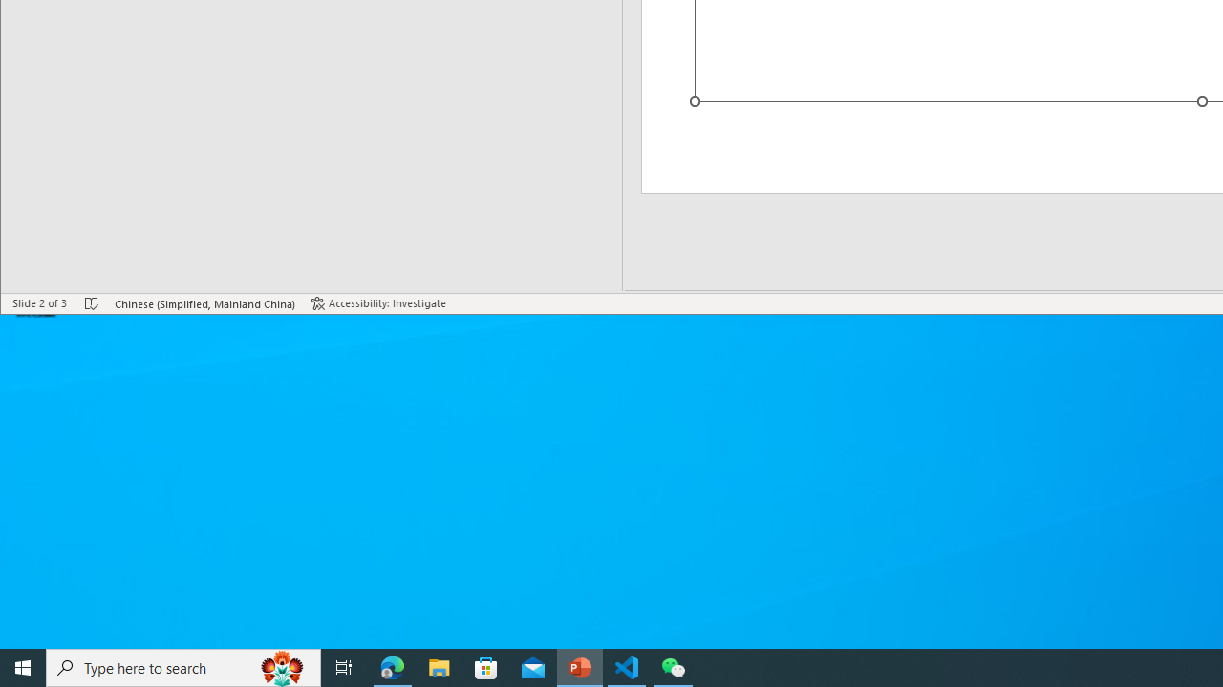 The width and height of the screenshot is (1223, 687). What do you see at coordinates (392, 666) in the screenshot?
I see `'Microsoft Edge - 1 running window'` at bounding box center [392, 666].